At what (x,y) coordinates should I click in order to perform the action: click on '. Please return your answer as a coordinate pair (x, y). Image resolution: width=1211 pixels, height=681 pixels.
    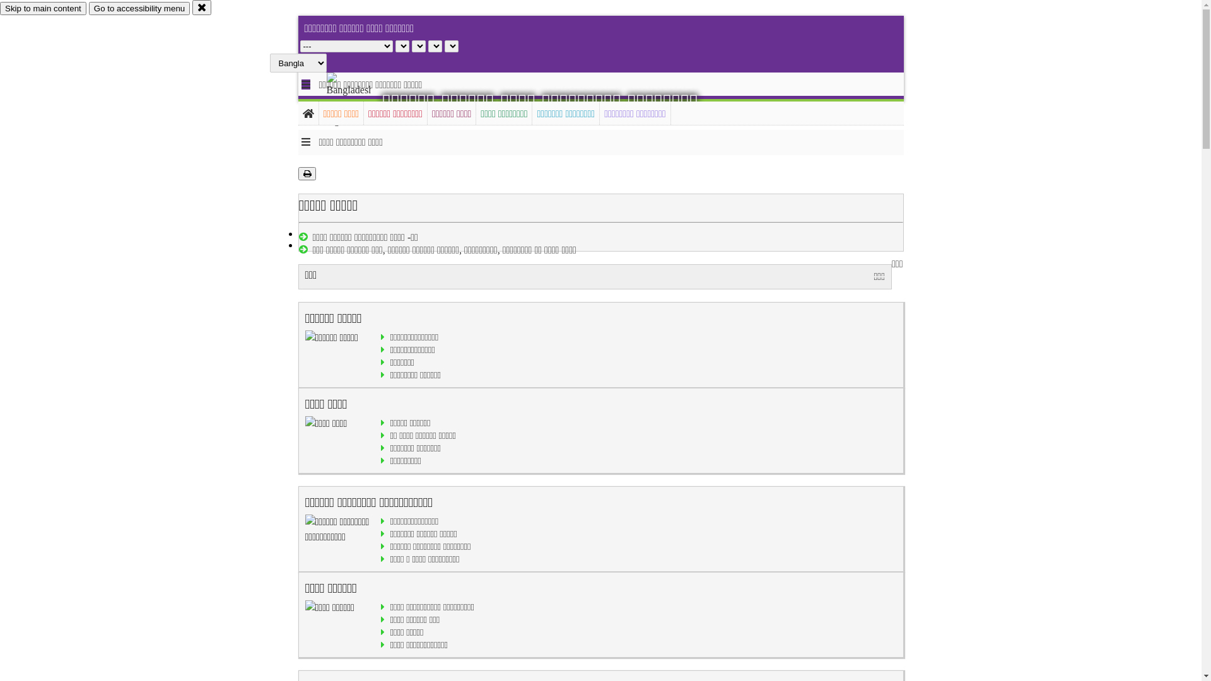
    Looking at the image, I should click on (359, 99).